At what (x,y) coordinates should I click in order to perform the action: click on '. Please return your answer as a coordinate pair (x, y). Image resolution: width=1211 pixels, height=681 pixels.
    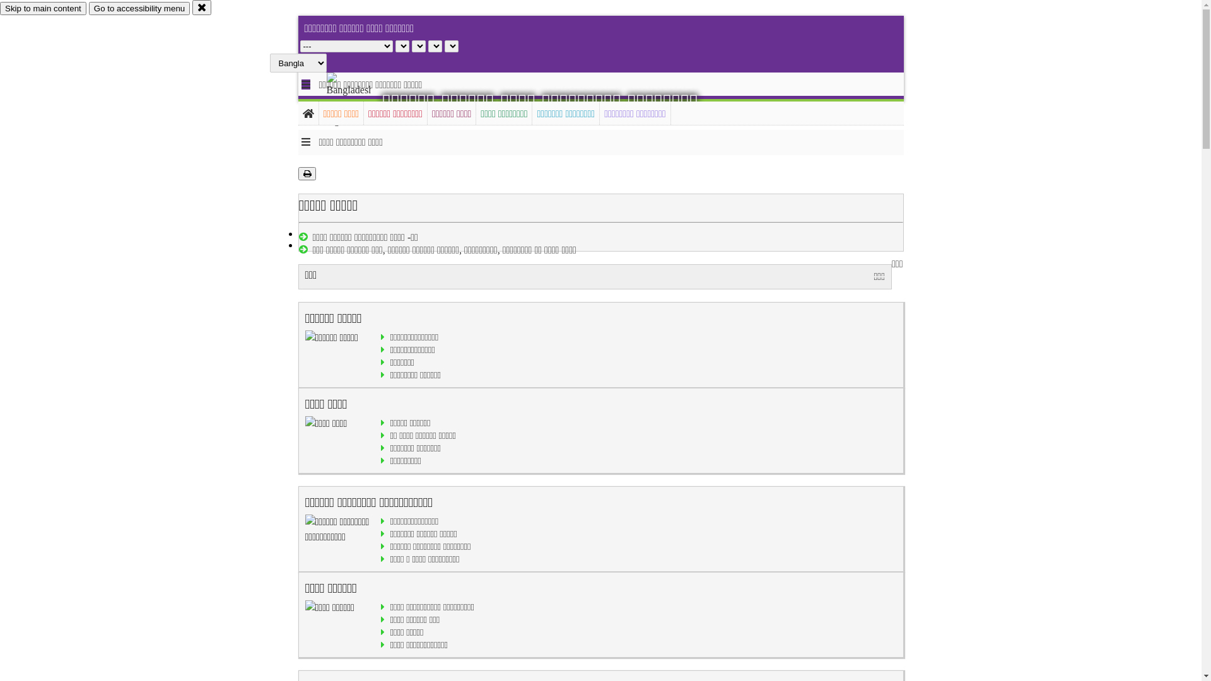
    Looking at the image, I should click on (359, 99).